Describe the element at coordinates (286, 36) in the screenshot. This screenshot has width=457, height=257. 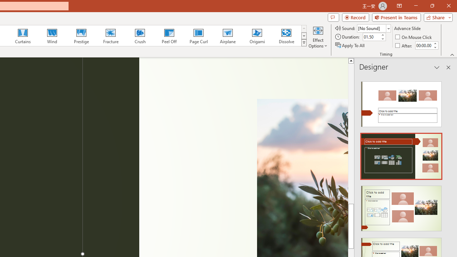
I see `'Dissolve'` at that location.